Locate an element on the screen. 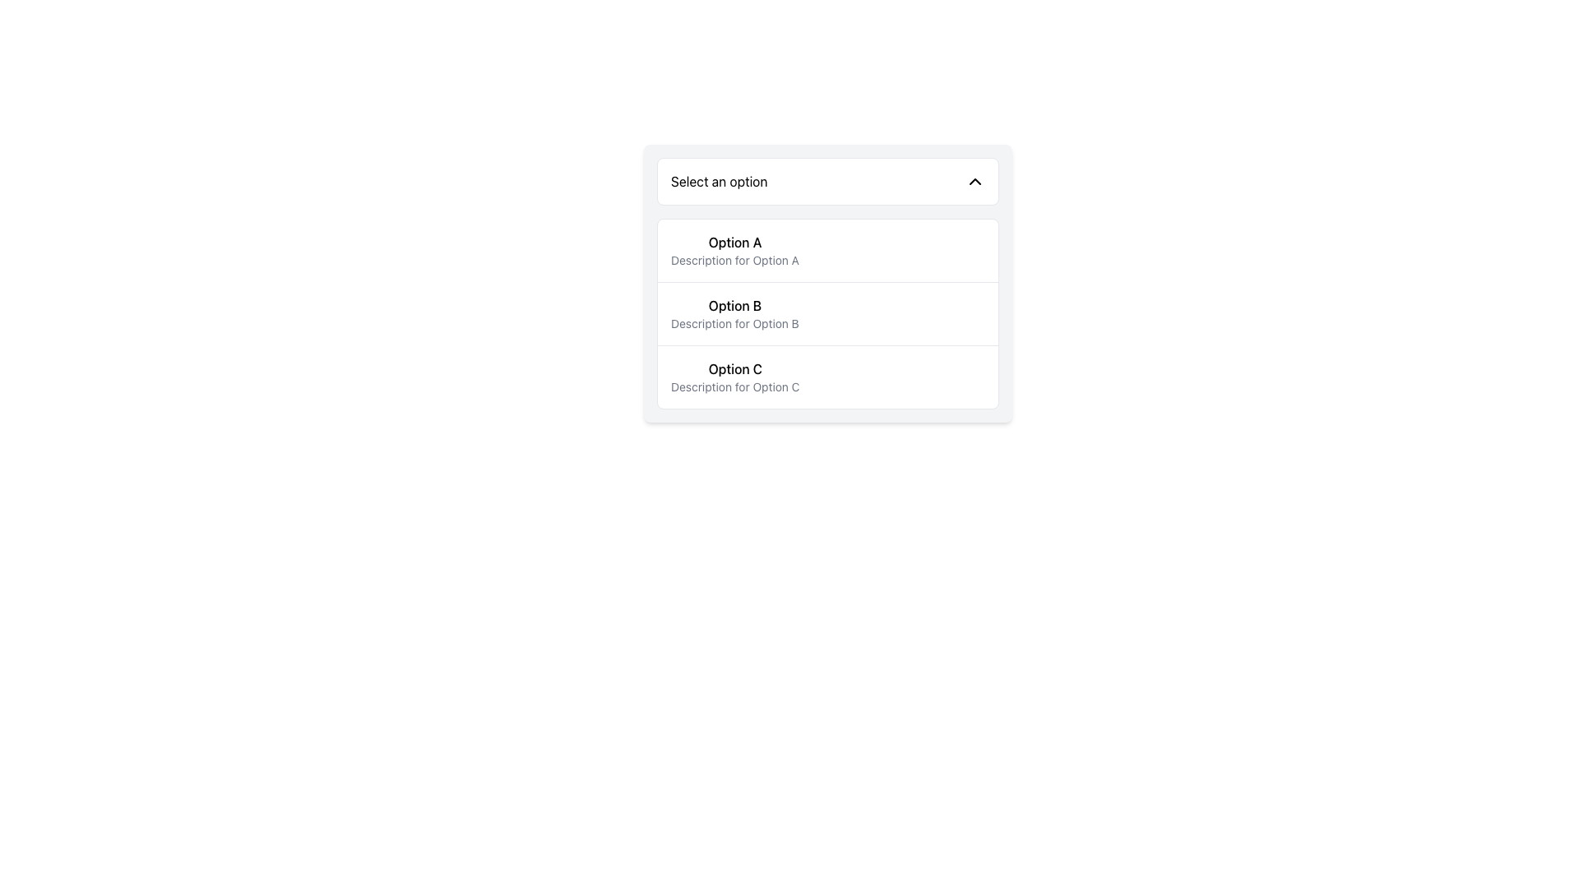  text of the second list item in the dropdown menu, which displays 'Option B' and its description is located at coordinates (734, 313).